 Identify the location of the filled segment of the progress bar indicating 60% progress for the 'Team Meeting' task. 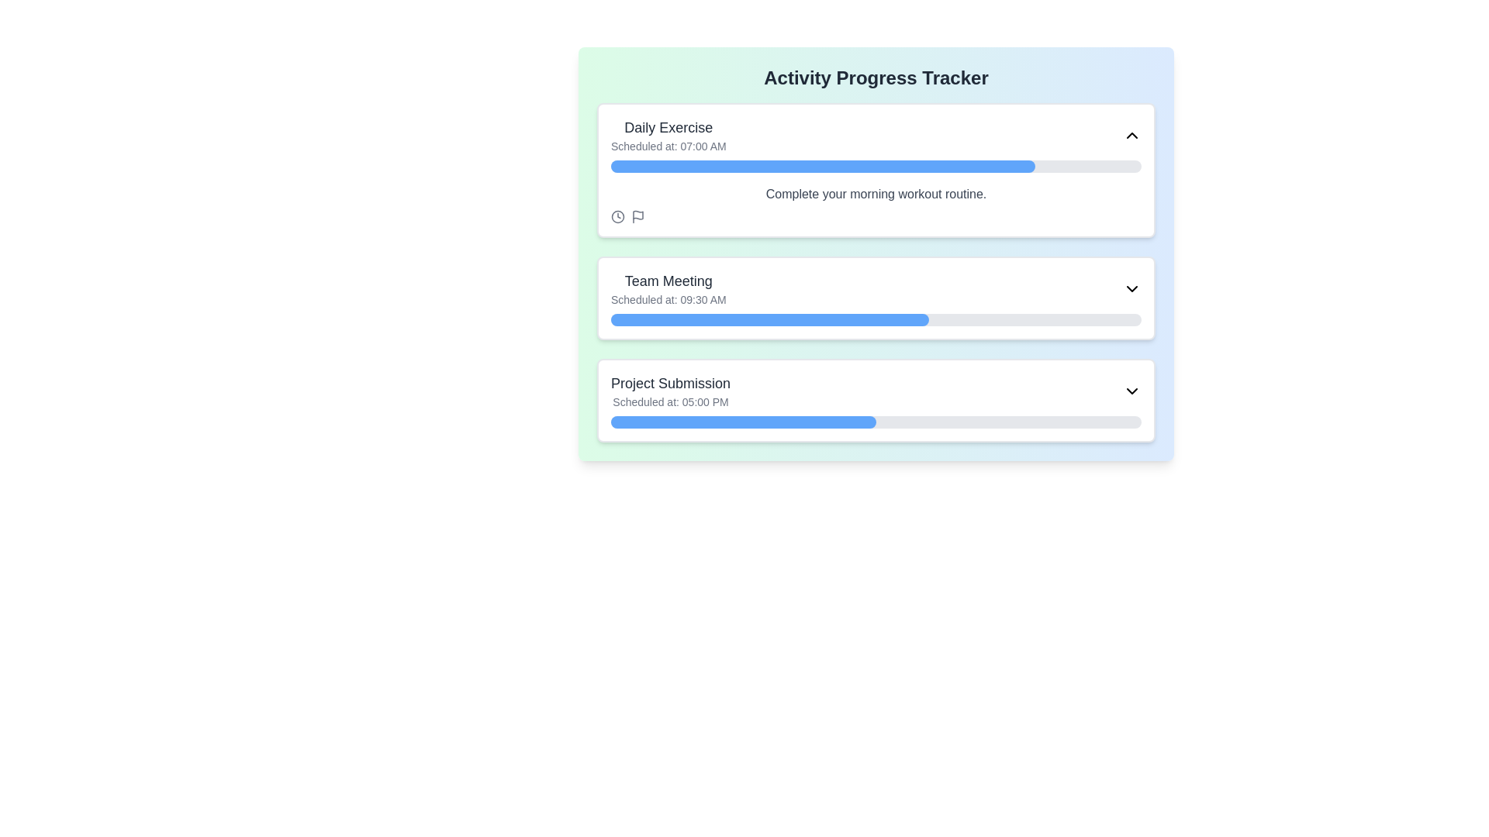
(770, 319).